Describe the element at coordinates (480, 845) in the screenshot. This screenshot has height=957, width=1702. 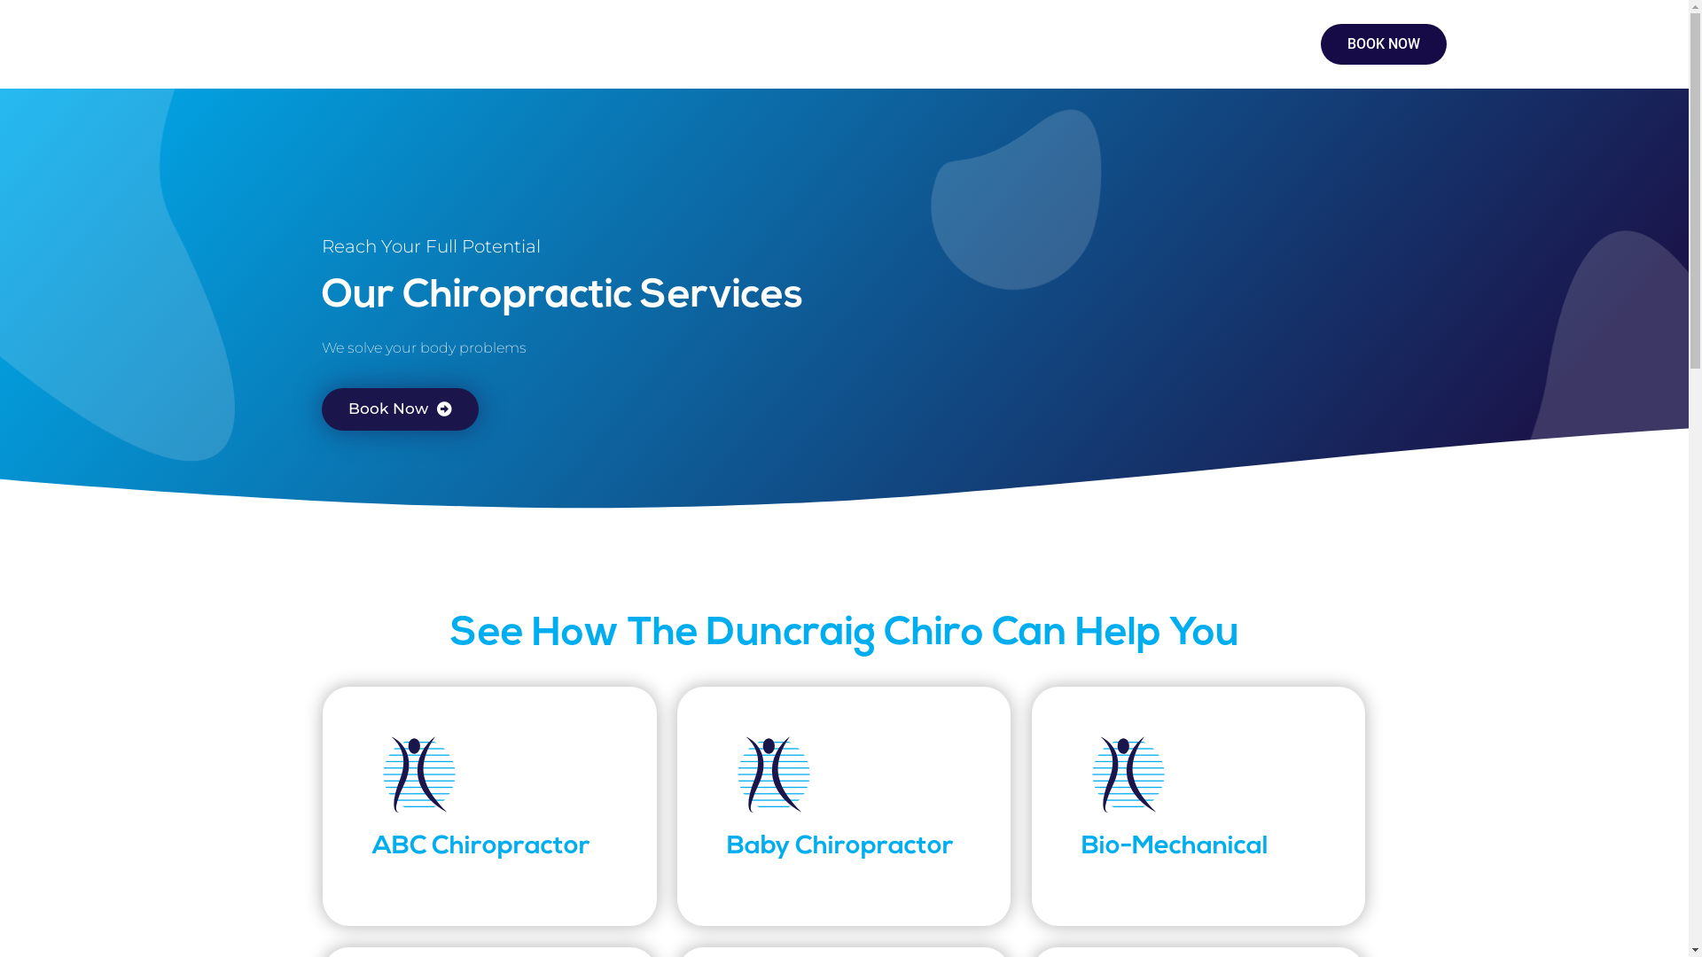
I see `'ABC Chiropractor'` at that location.